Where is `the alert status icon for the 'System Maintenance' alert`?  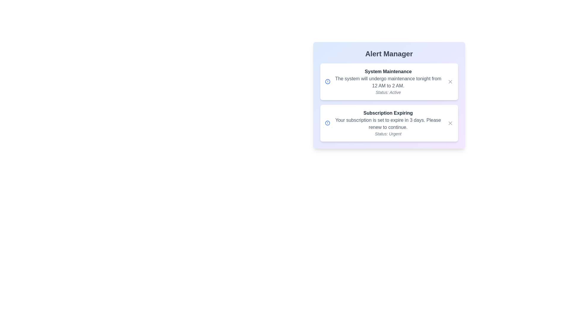 the alert status icon for the 'System Maintenance' alert is located at coordinates (327, 82).